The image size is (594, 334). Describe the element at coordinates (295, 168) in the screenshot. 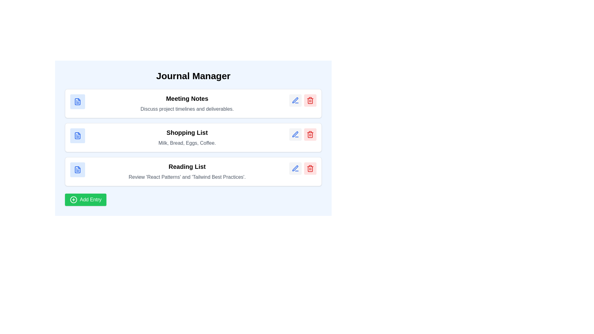

I see `the edit button located to the right of the 'Reading List' text` at that location.